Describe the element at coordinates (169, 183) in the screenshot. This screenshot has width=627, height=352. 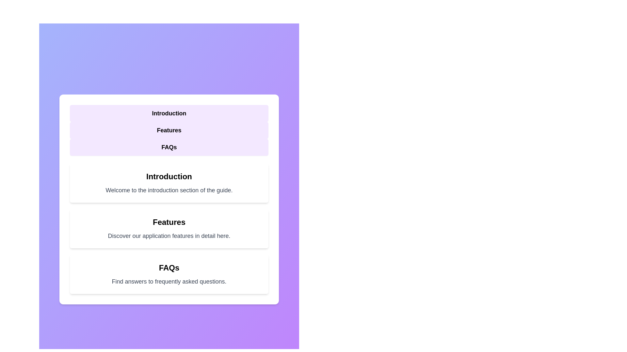
I see `the Informational section, which serves as an introductory guide located above the 'Features' and 'FAQs' sections` at that location.